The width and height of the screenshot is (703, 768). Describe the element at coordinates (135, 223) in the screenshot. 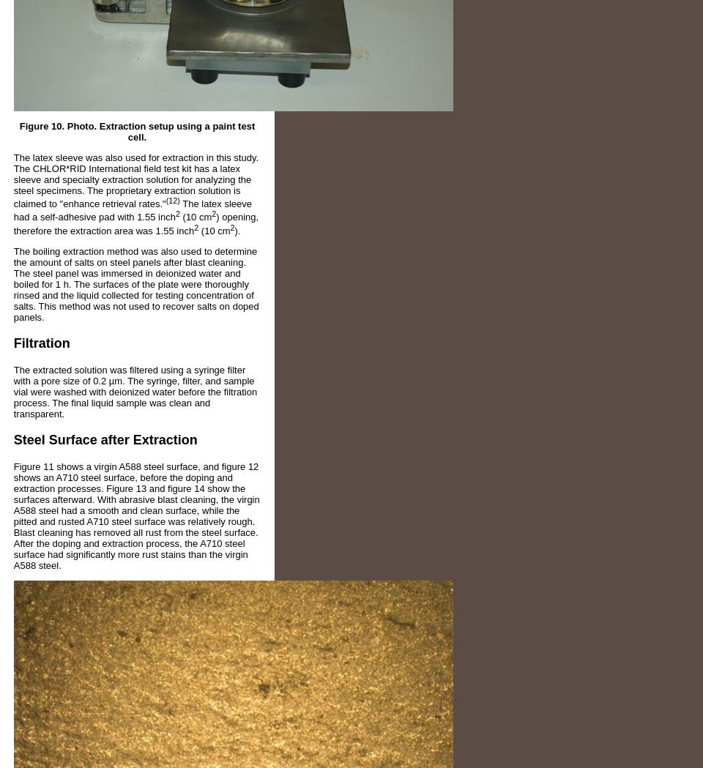

I see `') opening, therefore the extraction area was 1.55 inch'` at that location.